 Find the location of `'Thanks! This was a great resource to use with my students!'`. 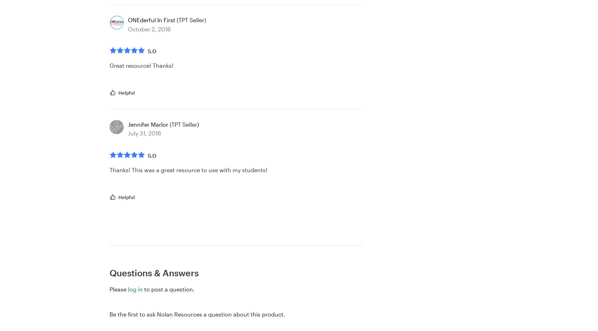

'Thanks! This was a great resource to use with my students!' is located at coordinates (188, 170).